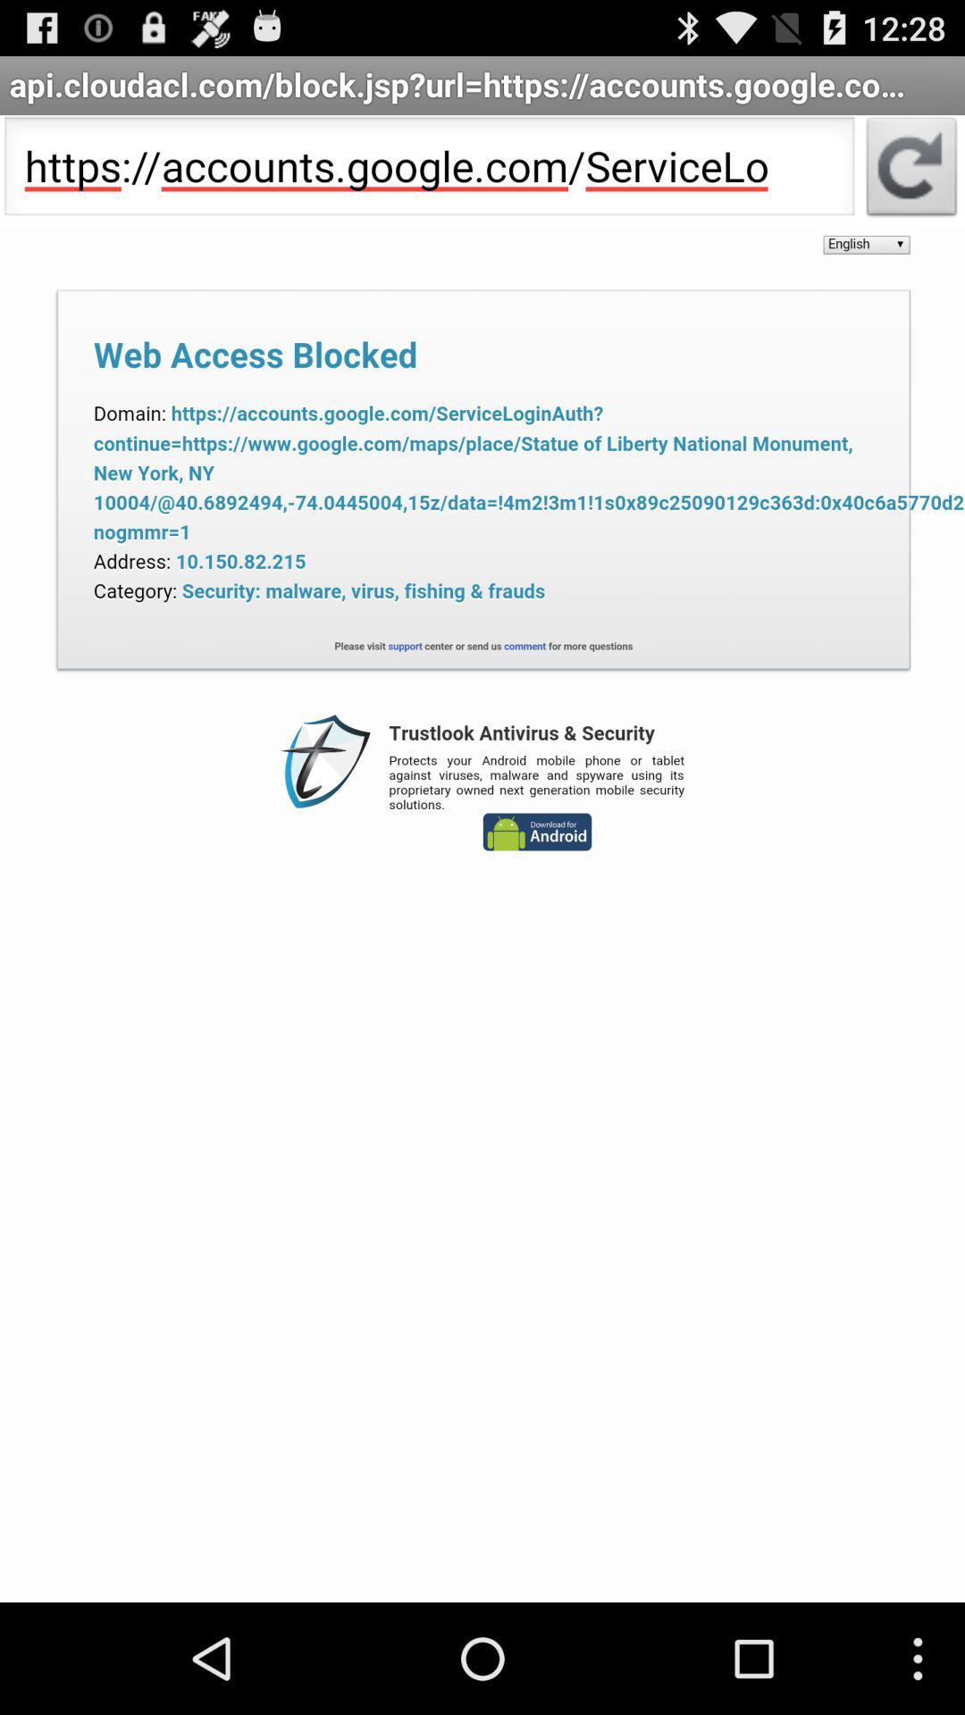  What do you see at coordinates (911, 171) in the screenshot?
I see `reload page` at bounding box center [911, 171].